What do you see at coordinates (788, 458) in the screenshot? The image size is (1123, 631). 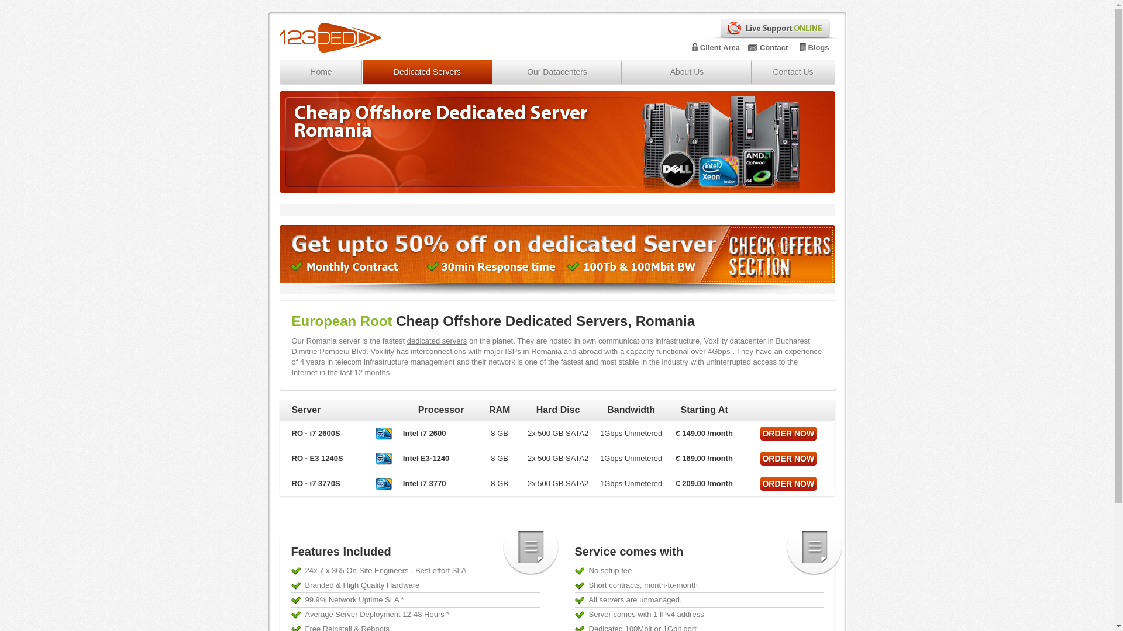 I see `'ORDER NOW'` at bounding box center [788, 458].